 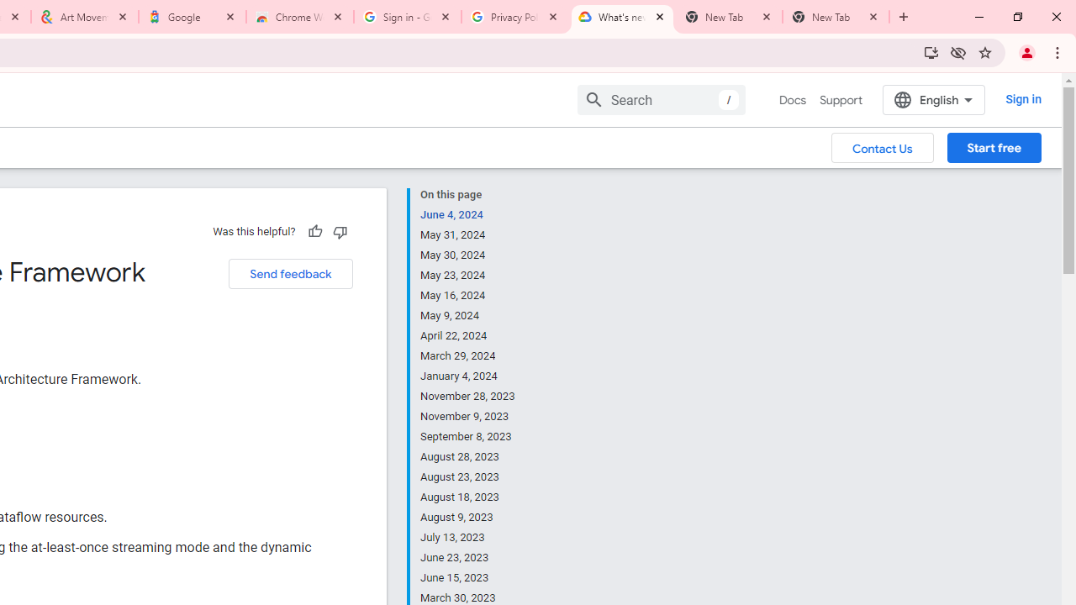 What do you see at coordinates (468, 558) in the screenshot?
I see `'June 23, 2023'` at bounding box center [468, 558].